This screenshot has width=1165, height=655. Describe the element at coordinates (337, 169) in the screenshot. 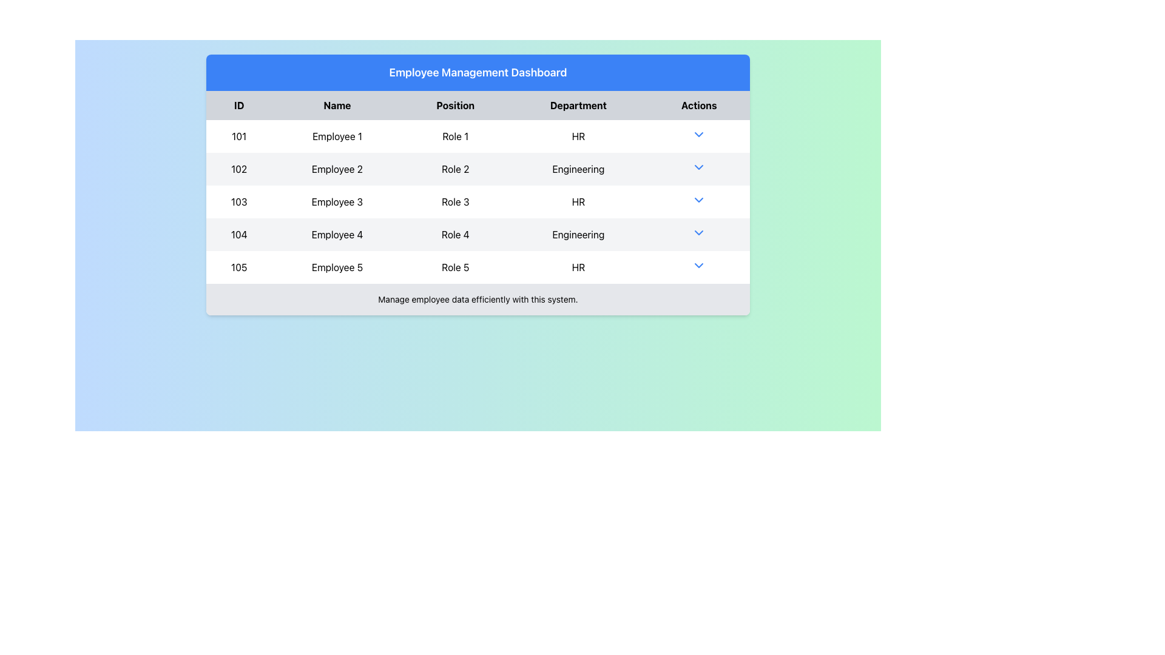

I see `the employee name label located in the second row of the table under the 'Name' column, positioned between the 'ID' column with value '102' and the 'Role 2' in the 'Position' column` at that location.